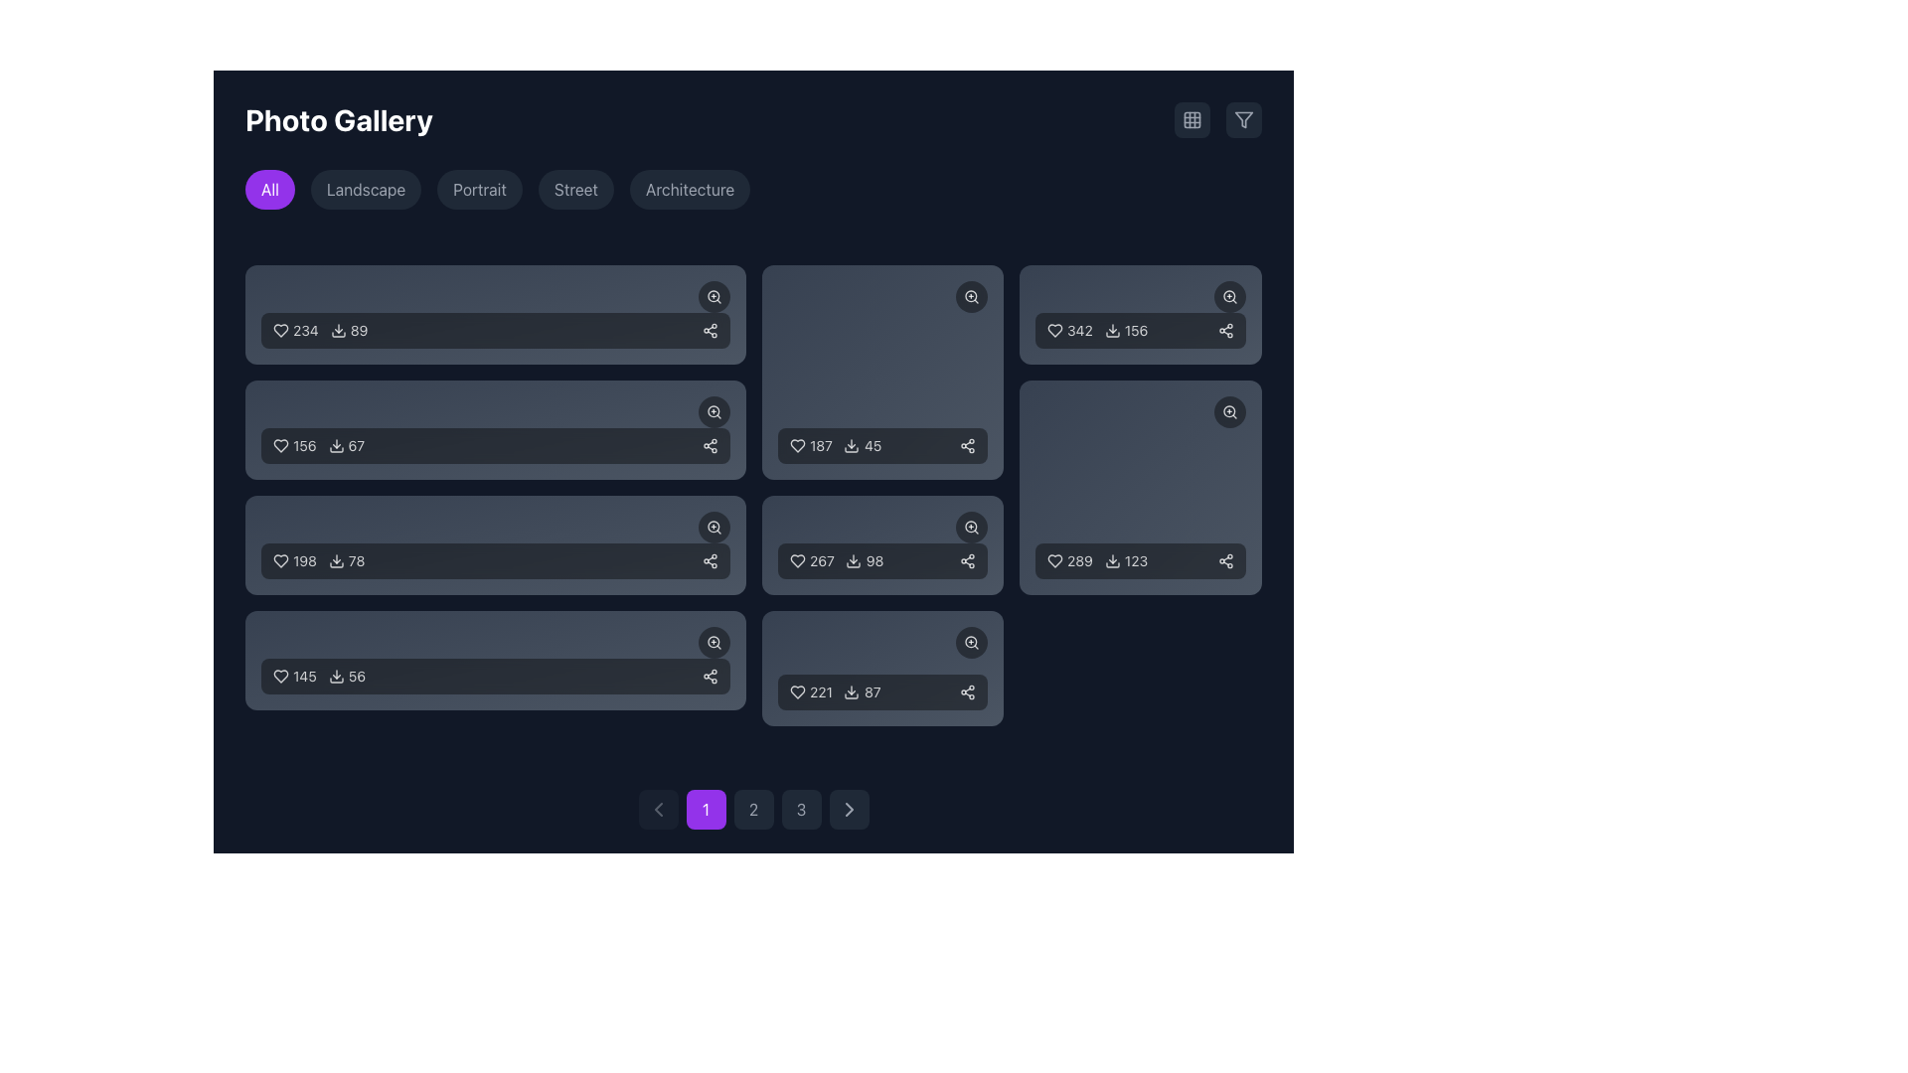 Image resolution: width=1908 pixels, height=1073 pixels. Describe the element at coordinates (1141, 487) in the screenshot. I see `the Card-like UI component located in the bottom-right corner of the grid layout to like the media file or content item` at that location.